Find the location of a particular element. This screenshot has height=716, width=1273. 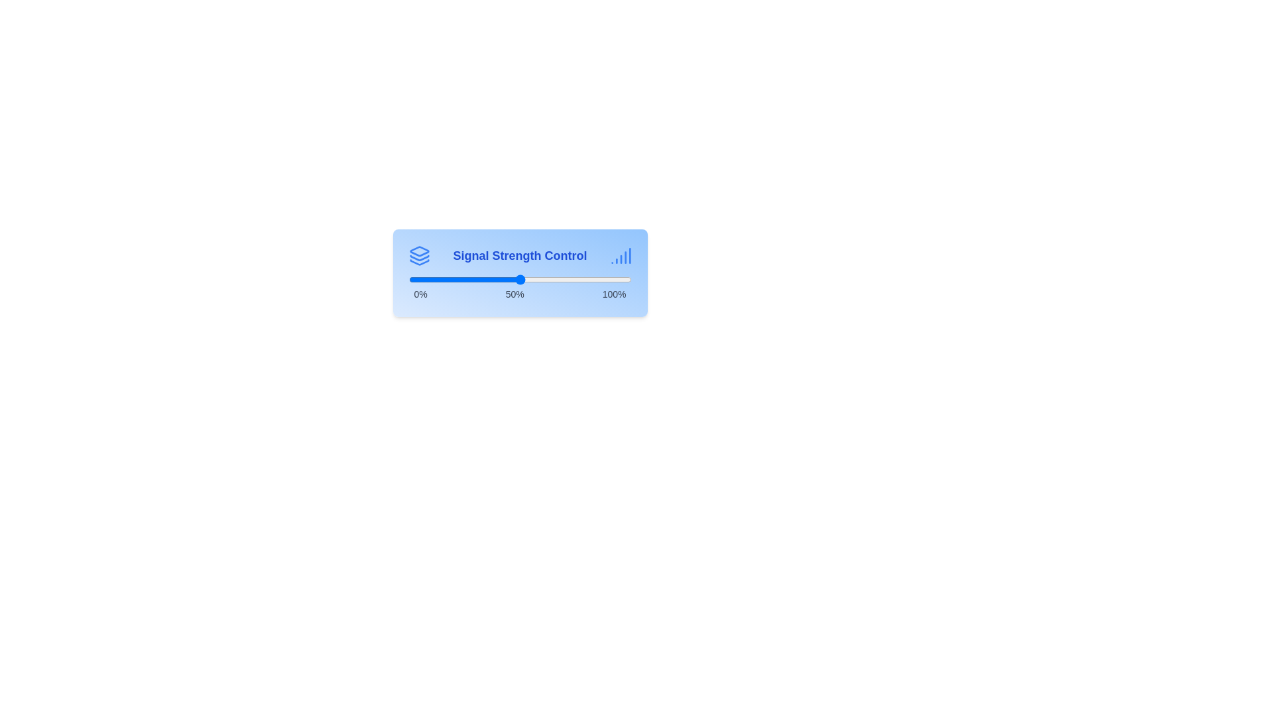

the signal strength to 48% using the slider is located at coordinates (515, 278).